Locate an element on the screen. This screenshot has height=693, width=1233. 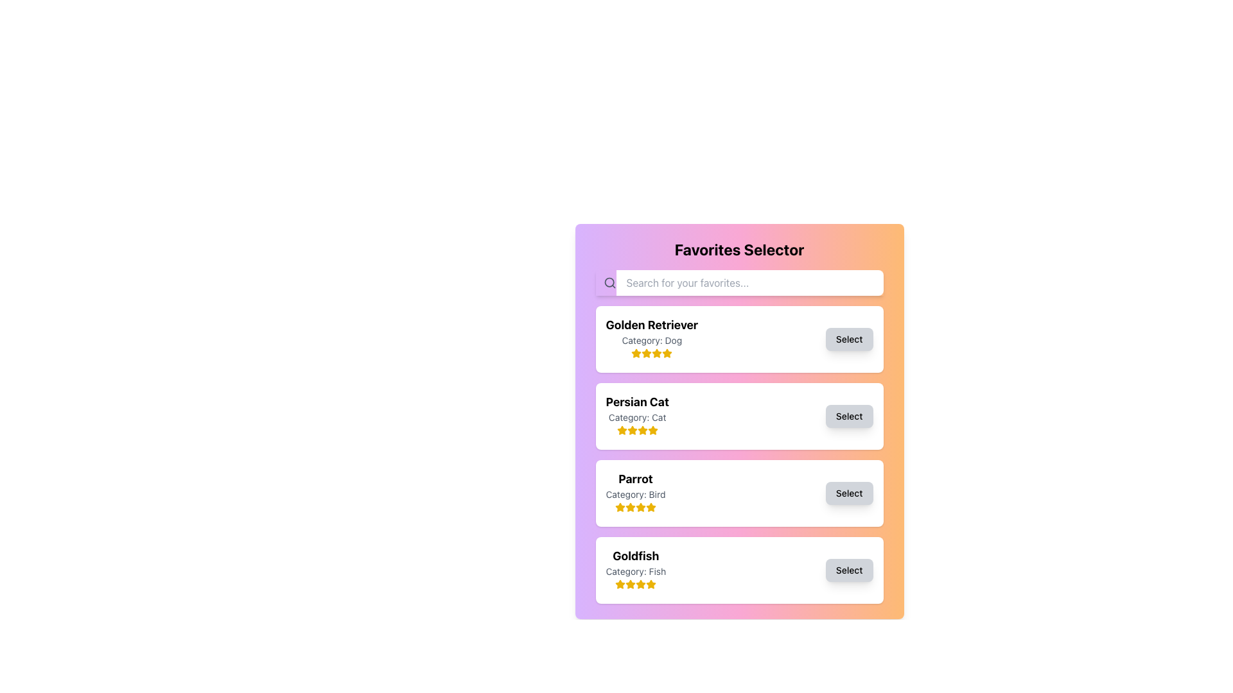
the 'Select' button with a gray background located at the bottom-right corner of the card for the 'Parrot' item is located at coordinates (849, 492).